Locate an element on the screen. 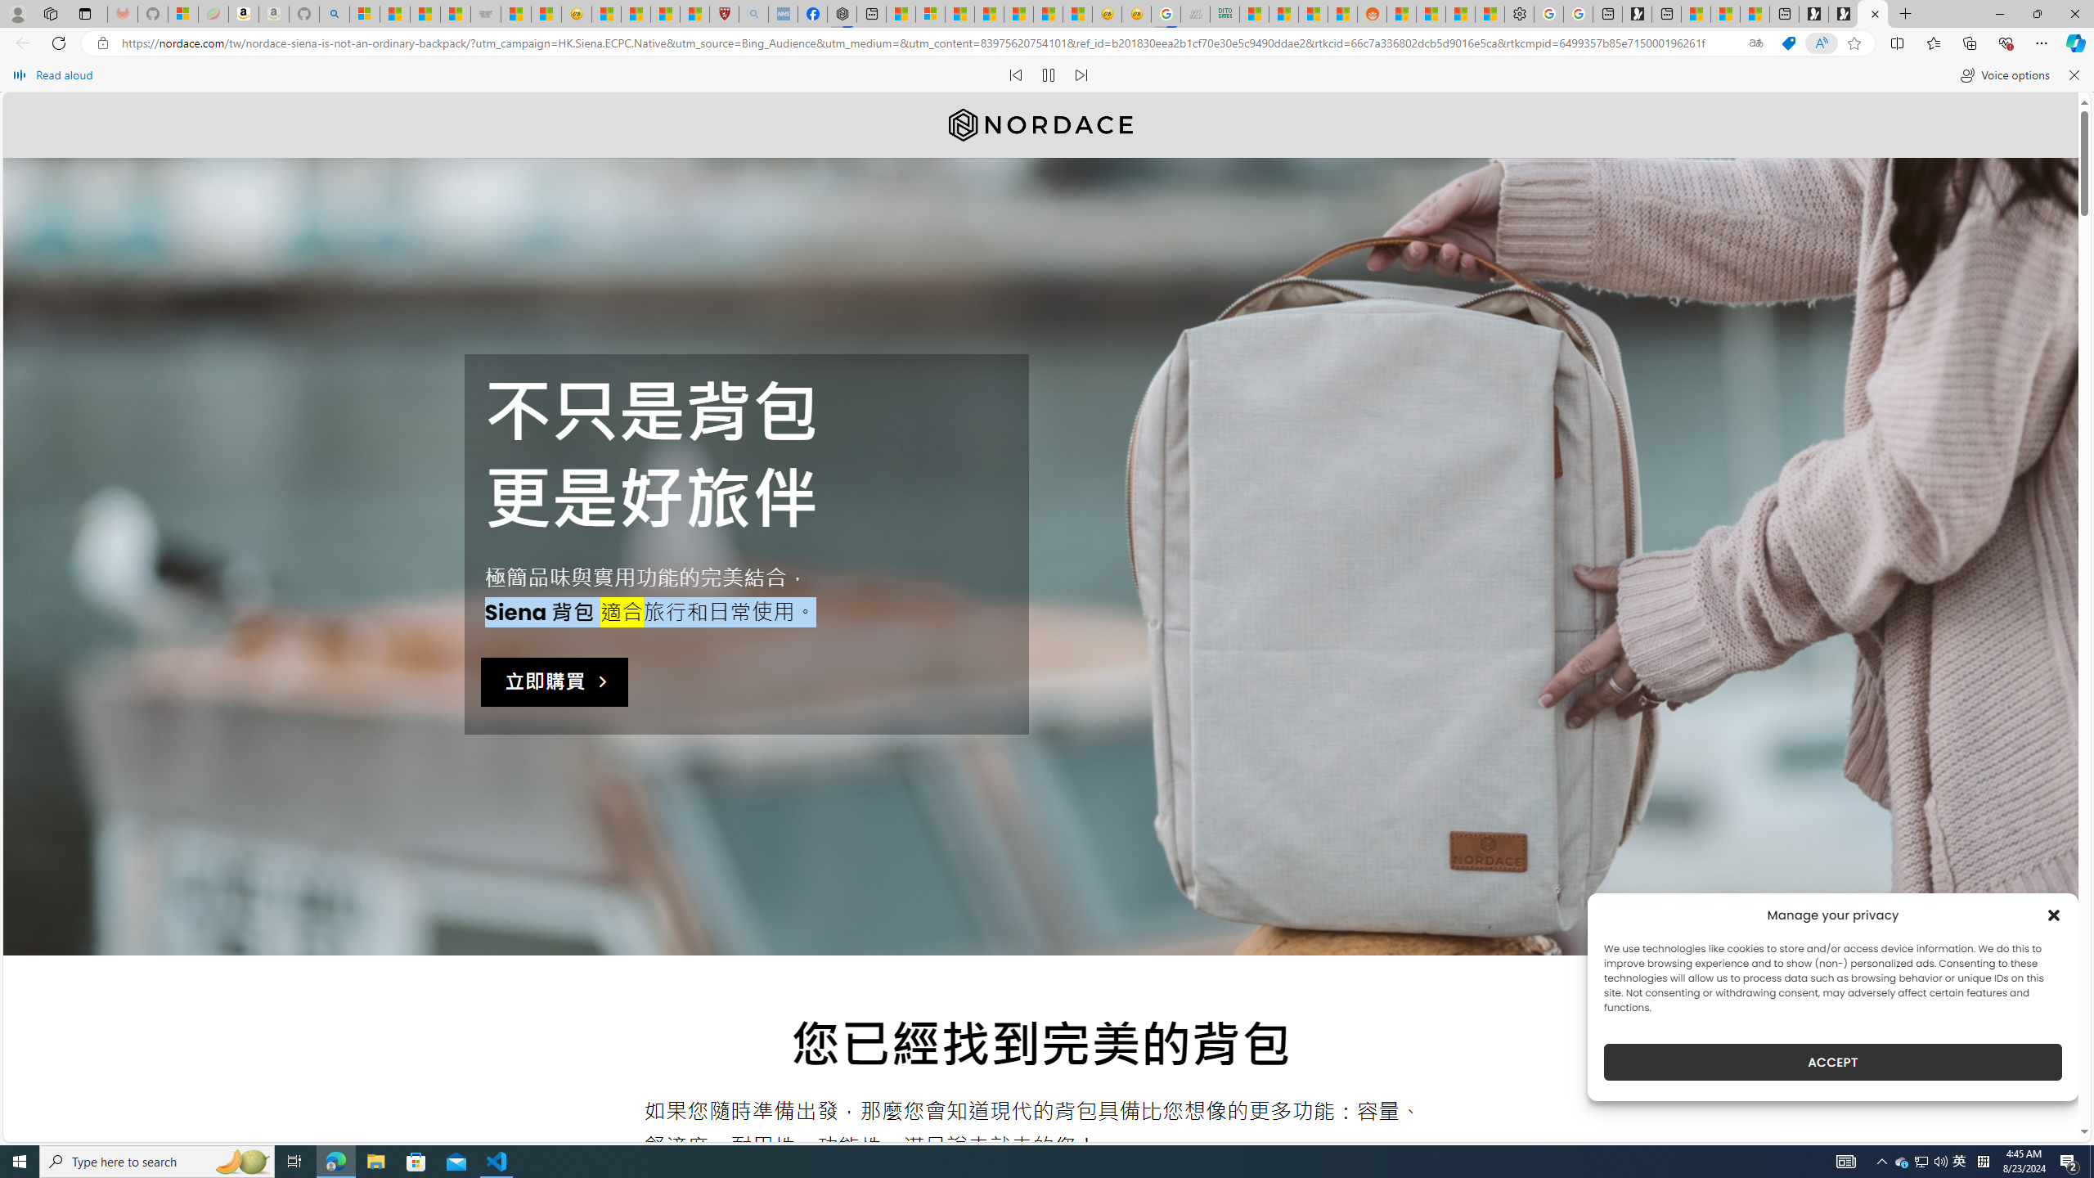 The image size is (2094, 1178). 'Show translate options' is located at coordinates (1755, 43).